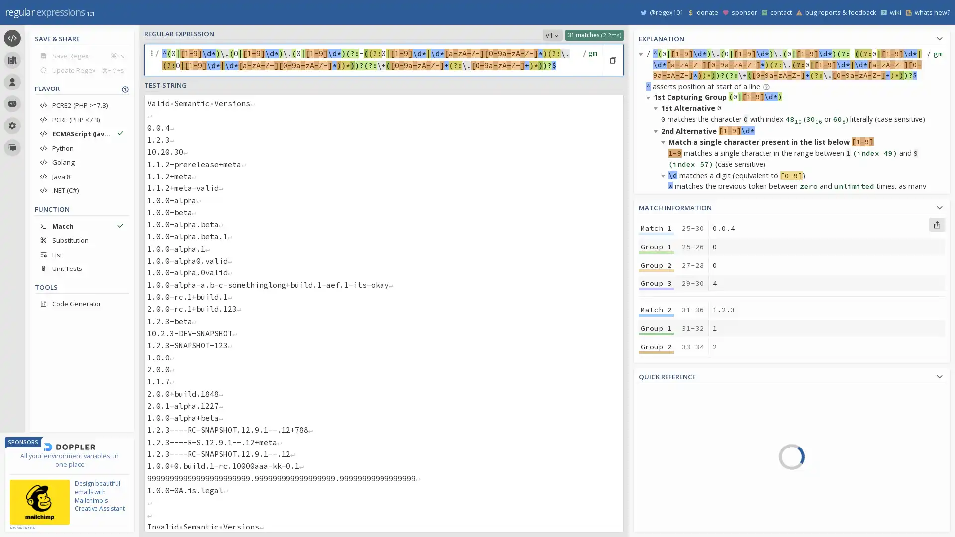  Describe the element at coordinates (657, 355) in the screenshot. I see `Collapse Subtree` at that location.